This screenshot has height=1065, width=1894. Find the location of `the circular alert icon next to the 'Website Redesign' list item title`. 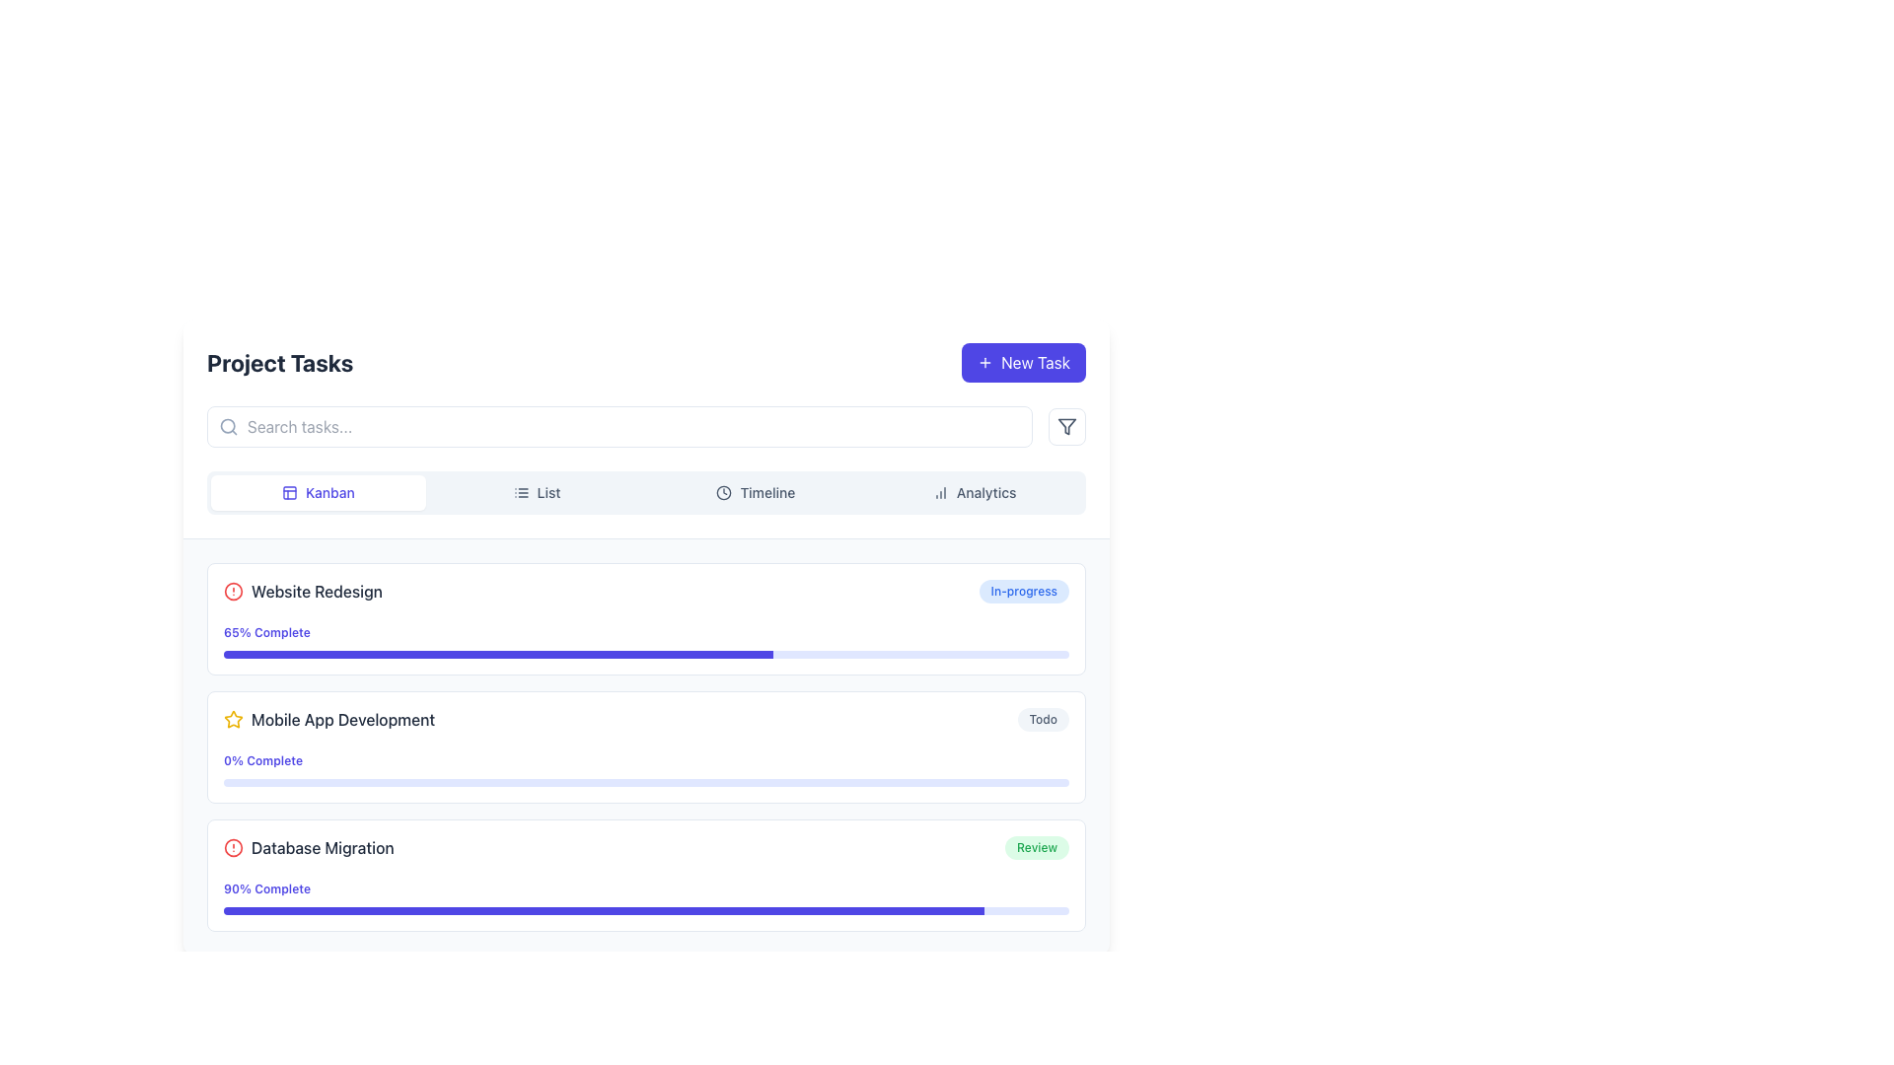

the circular alert icon next to the 'Website Redesign' list item title is located at coordinates (302, 591).